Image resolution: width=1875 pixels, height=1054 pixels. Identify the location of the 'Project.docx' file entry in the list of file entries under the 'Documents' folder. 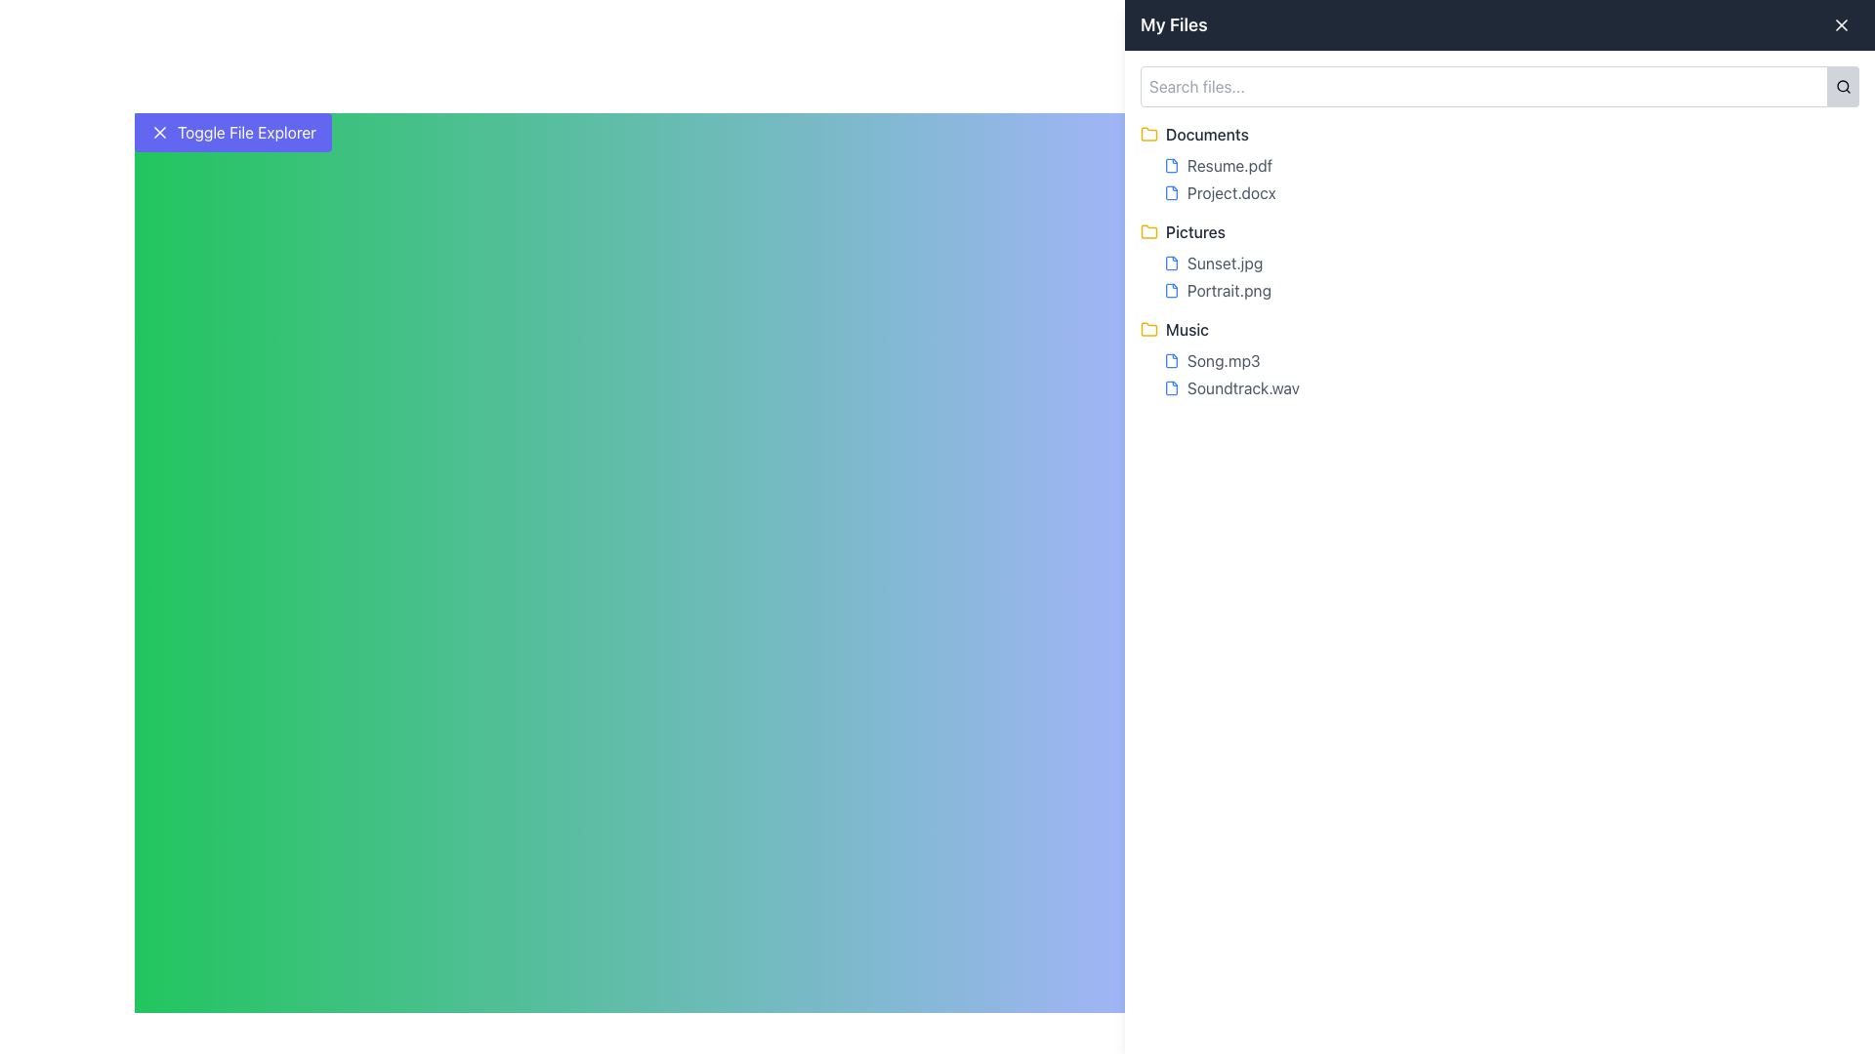
(1499, 180).